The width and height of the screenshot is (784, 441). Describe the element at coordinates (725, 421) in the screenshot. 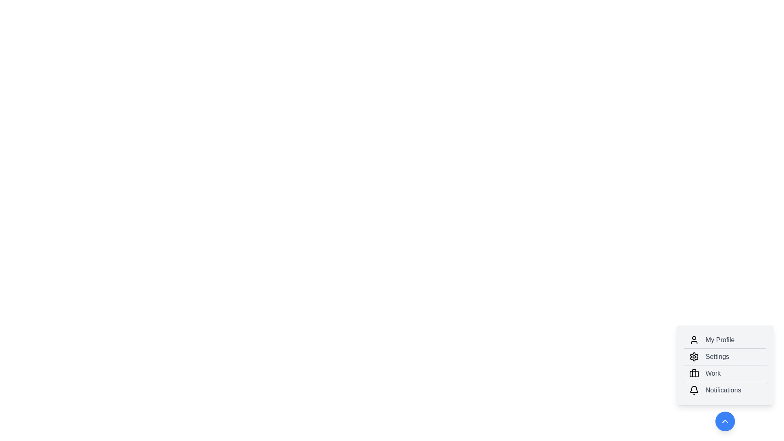

I see `floating button to toggle the menu's visibility` at that location.